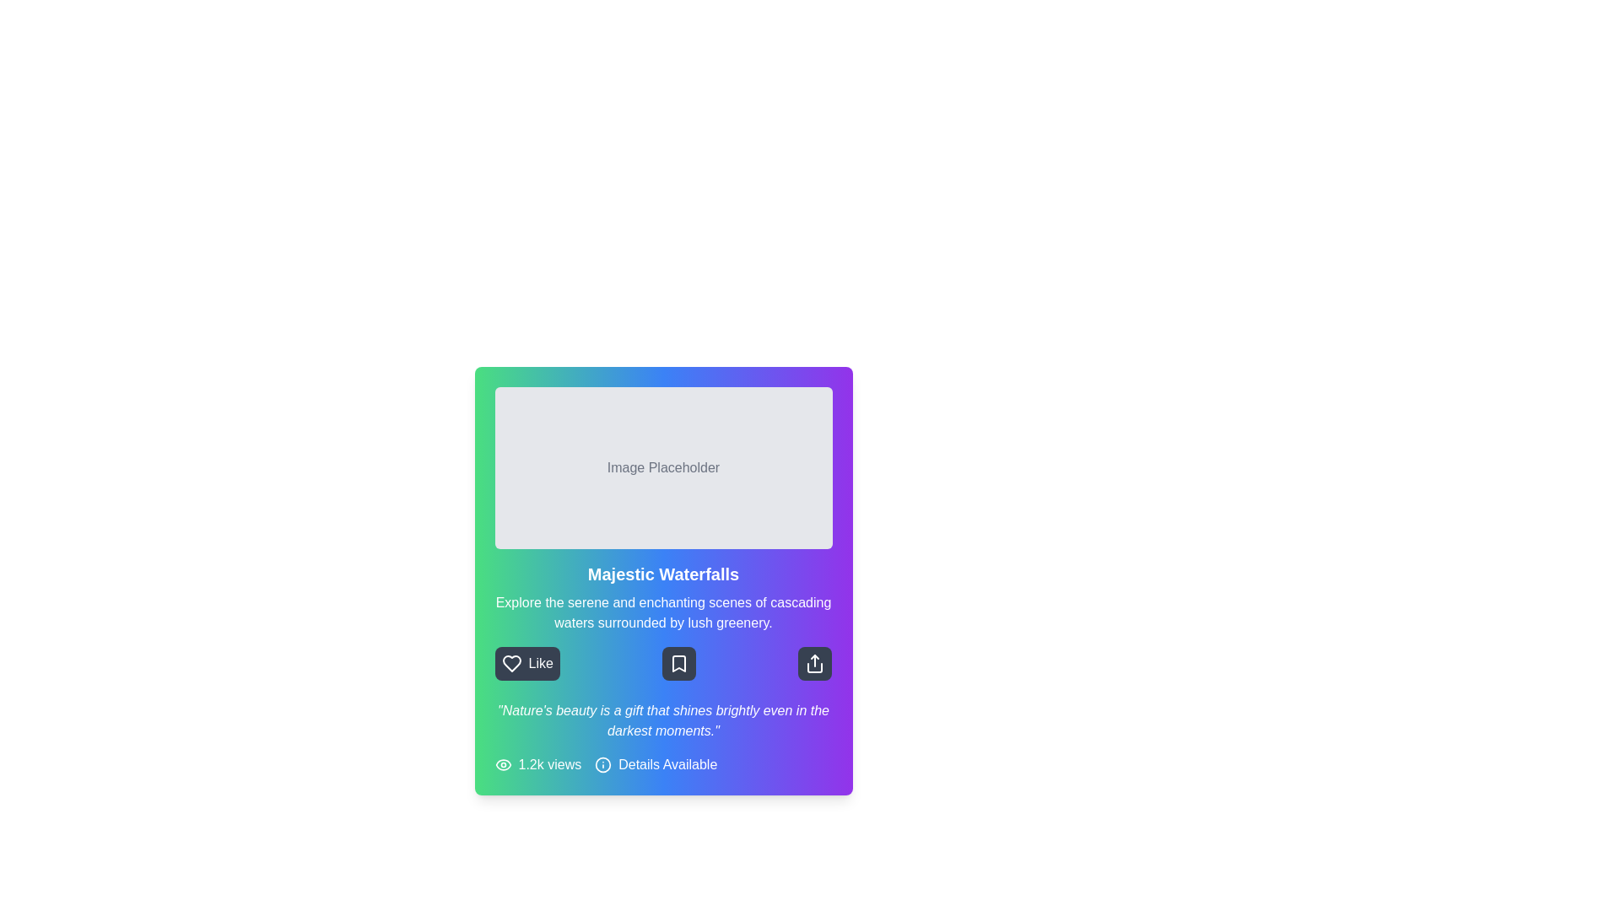 The height and width of the screenshot is (911, 1620). I want to click on share icon located in the bottom-right section of the card, which enhances its visual identification, so click(815, 666).